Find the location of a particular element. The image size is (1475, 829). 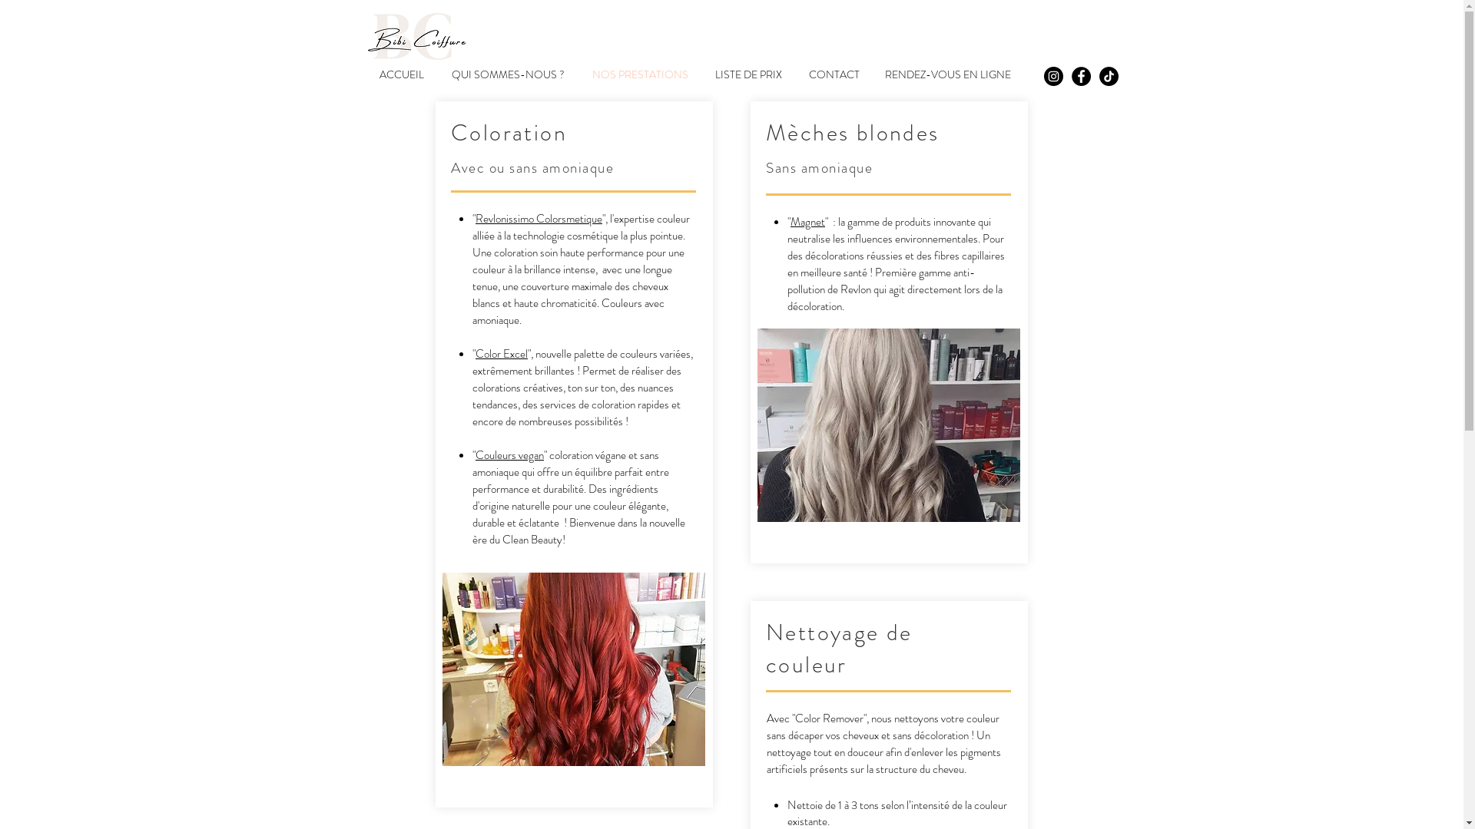

'Revlonissimo Colorsmetique' is located at coordinates (475, 219).